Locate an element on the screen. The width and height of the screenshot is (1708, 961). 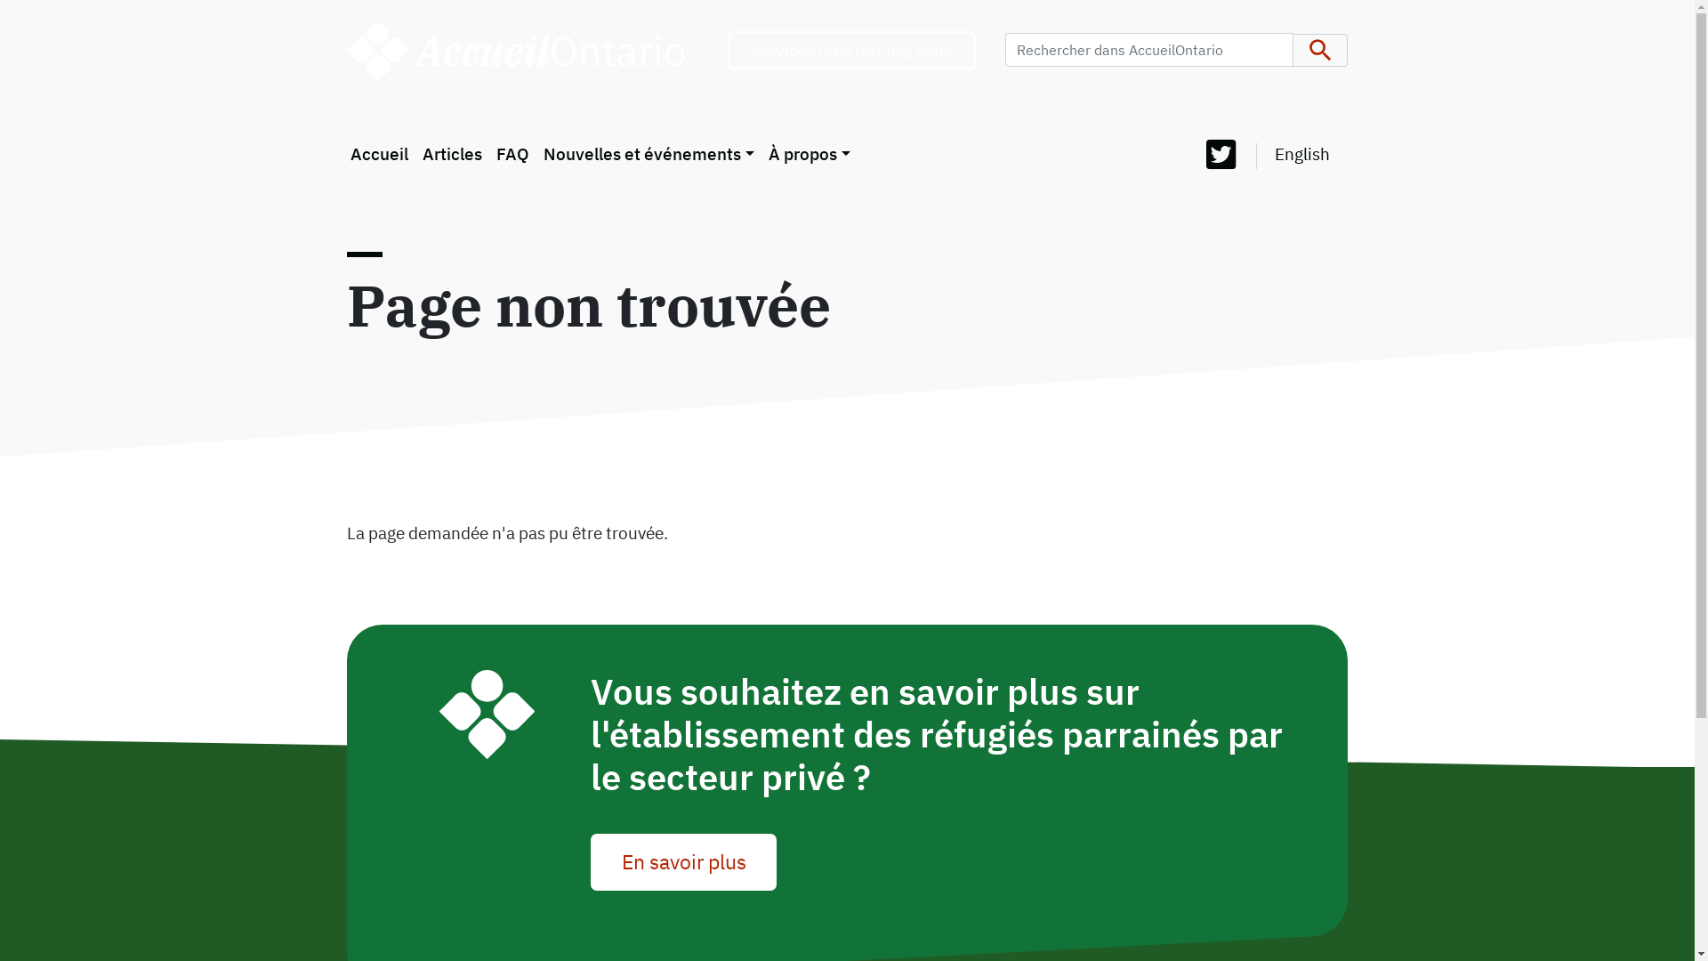
'En savoir plus' is located at coordinates (682, 860).